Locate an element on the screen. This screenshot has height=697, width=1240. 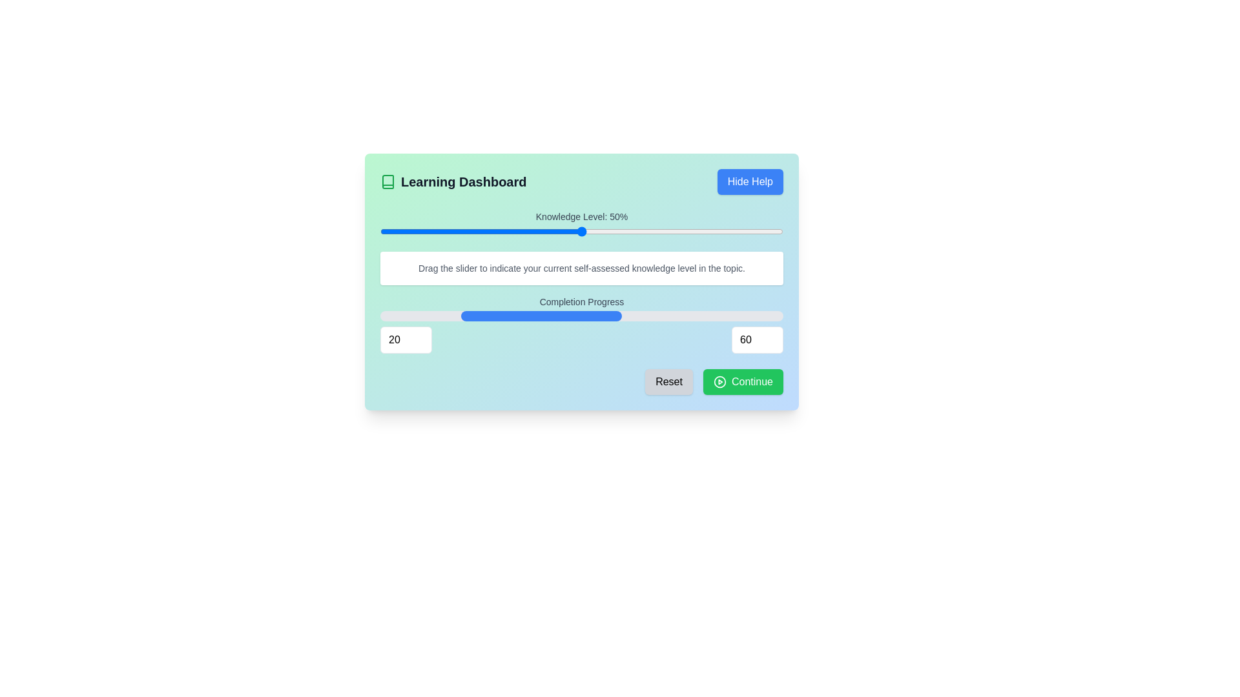
the knowledge level is located at coordinates (743, 230).